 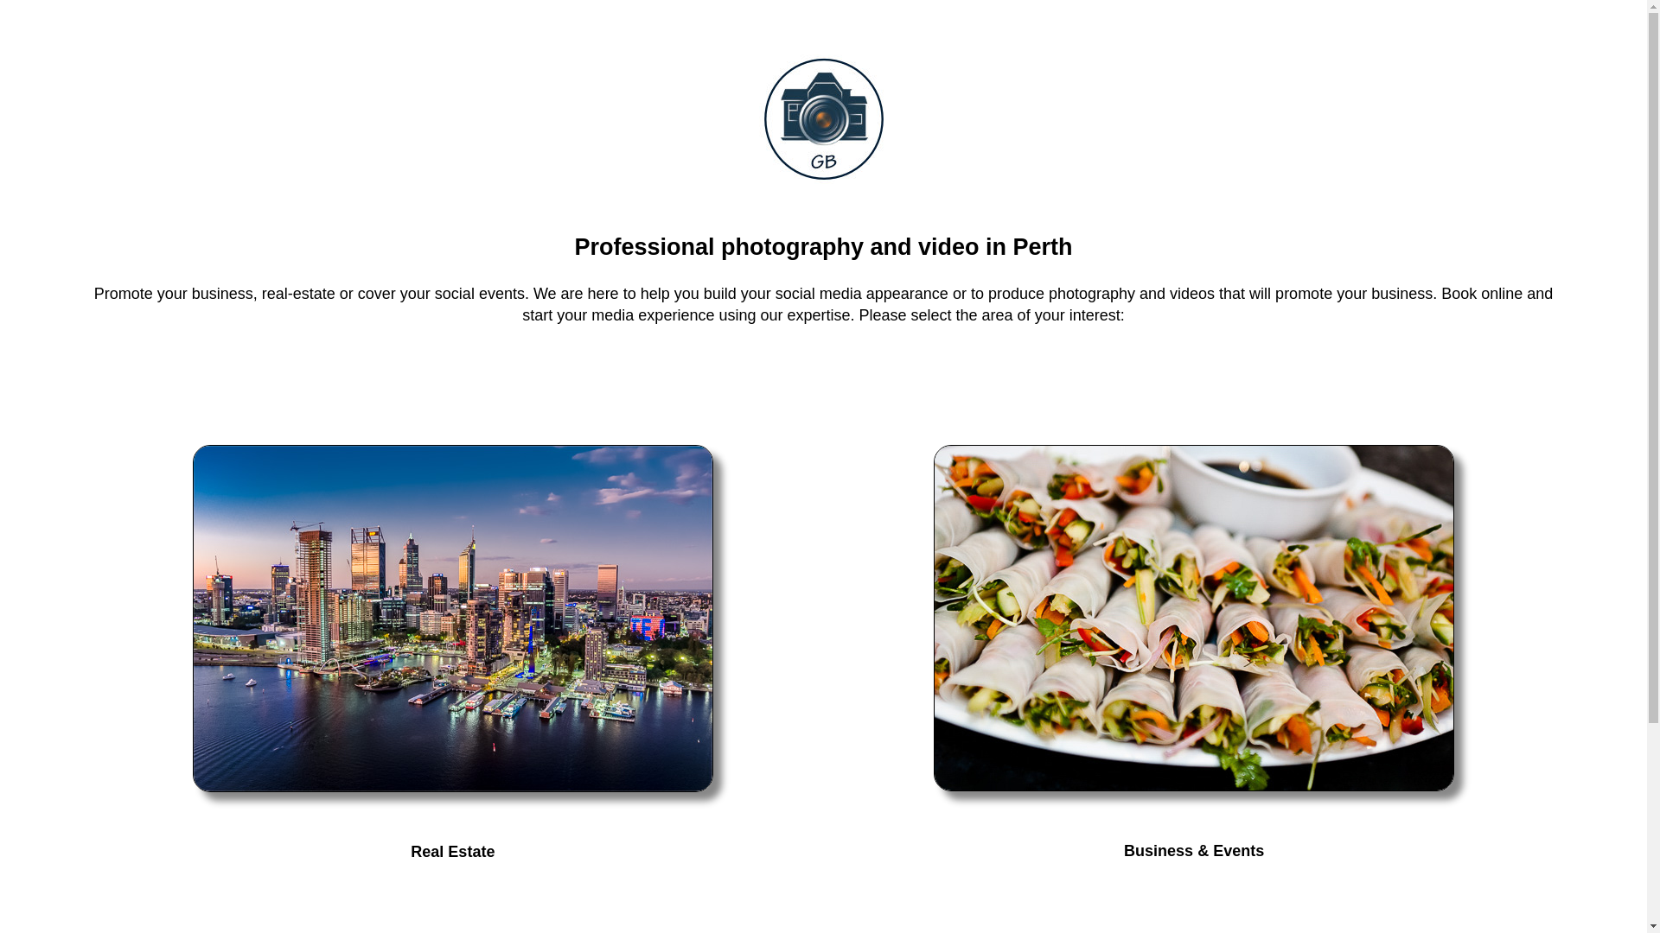 What do you see at coordinates (452, 618) in the screenshot?
I see `'Real Estate professional photography and video'` at bounding box center [452, 618].